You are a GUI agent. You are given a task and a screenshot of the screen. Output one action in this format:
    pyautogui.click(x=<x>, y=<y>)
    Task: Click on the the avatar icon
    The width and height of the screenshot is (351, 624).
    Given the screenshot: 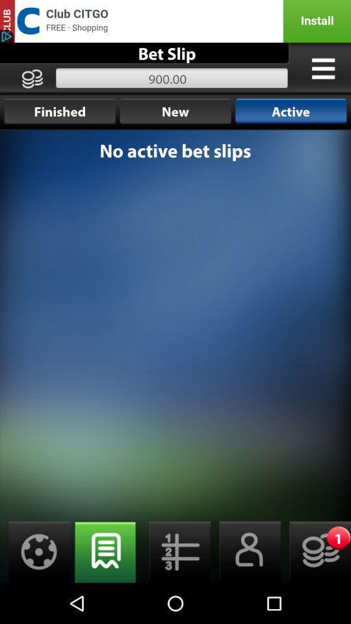 What is the action you would take?
    pyautogui.click(x=246, y=591)
    